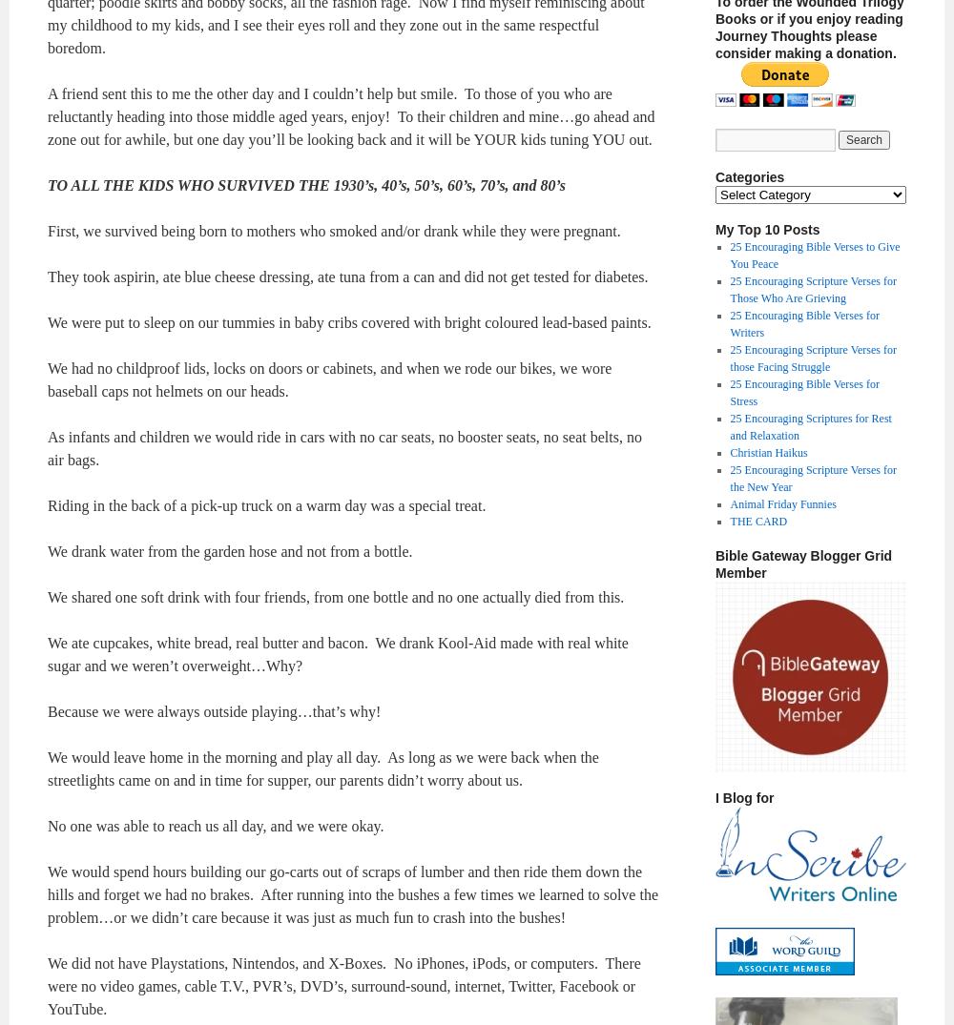 The image size is (954, 1025). What do you see at coordinates (803, 392) in the screenshot?
I see `'25 Encouraging Bible Verses for Stress'` at bounding box center [803, 392].